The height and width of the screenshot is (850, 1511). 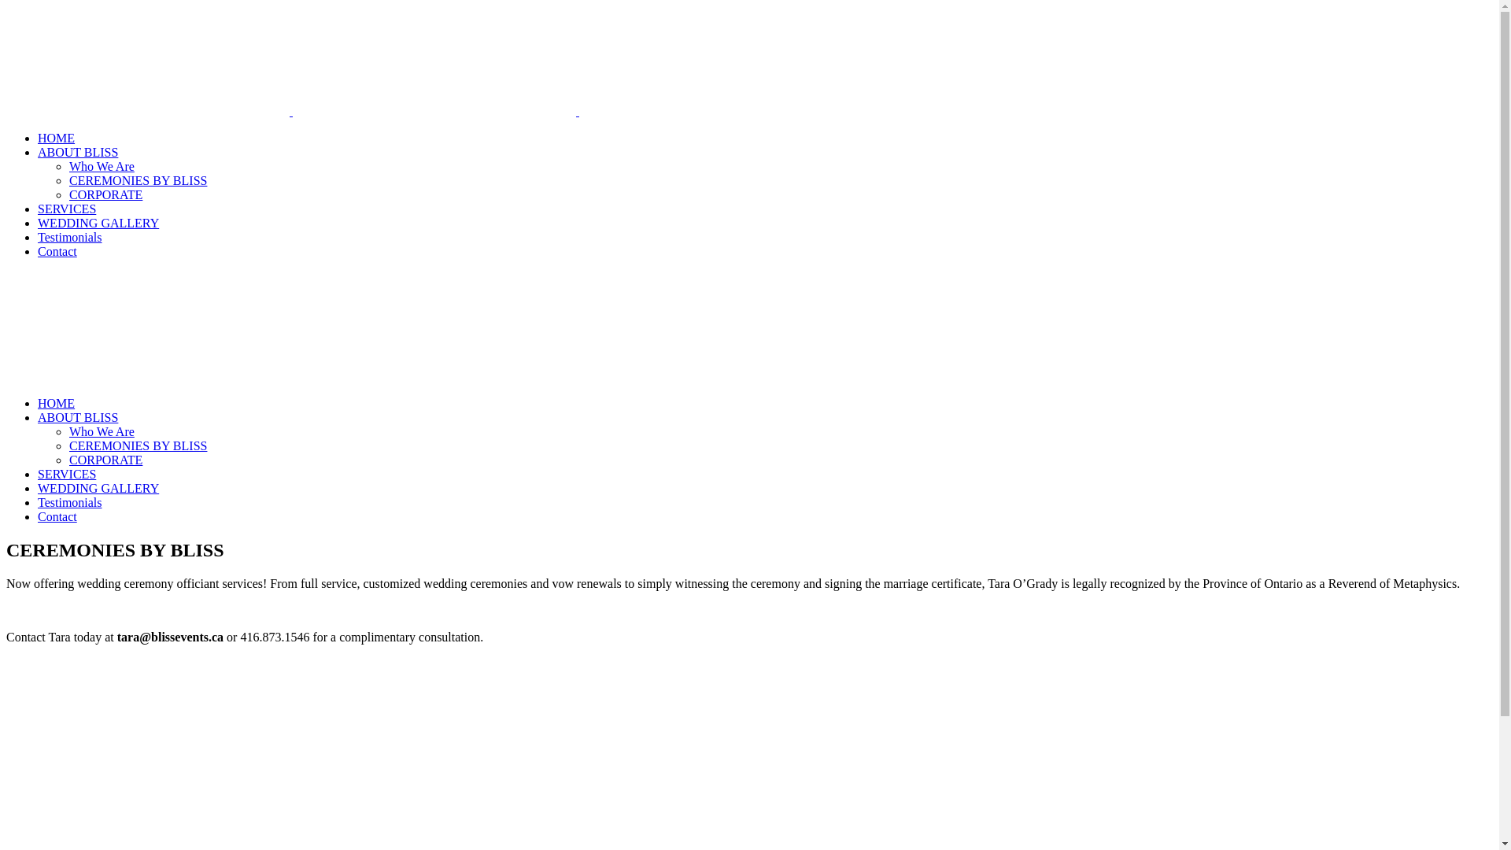 What do you see at coordinates (57, 250) in the screenshot?
I see `'Contact'` at bounding box center [57, 250].